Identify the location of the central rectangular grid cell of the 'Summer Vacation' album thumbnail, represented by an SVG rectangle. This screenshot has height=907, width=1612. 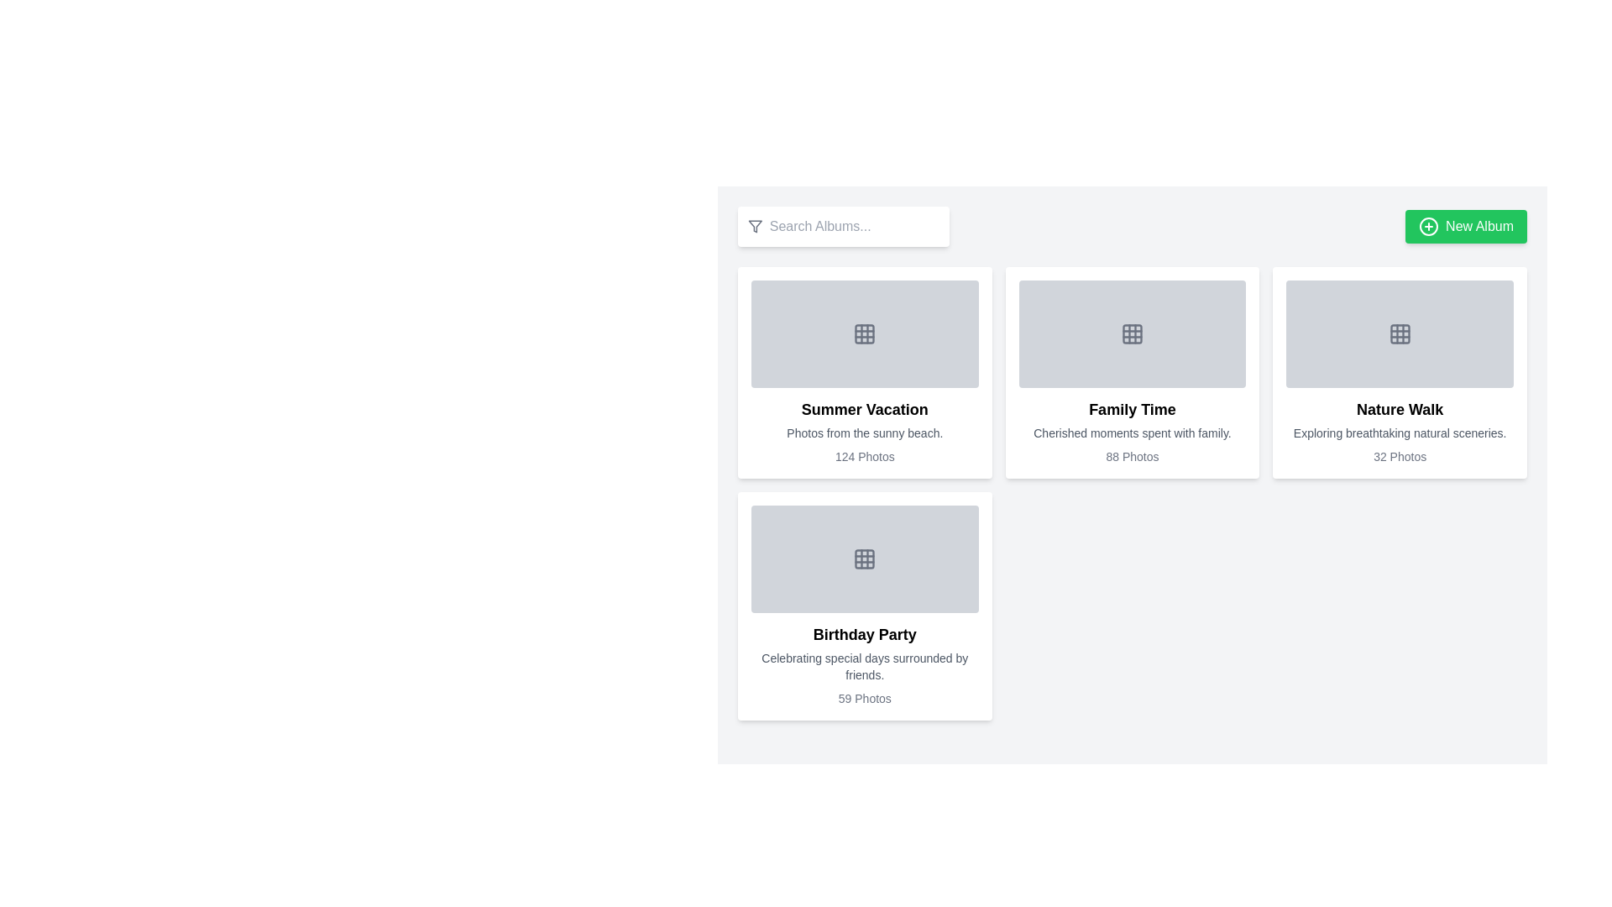
(865, 333).